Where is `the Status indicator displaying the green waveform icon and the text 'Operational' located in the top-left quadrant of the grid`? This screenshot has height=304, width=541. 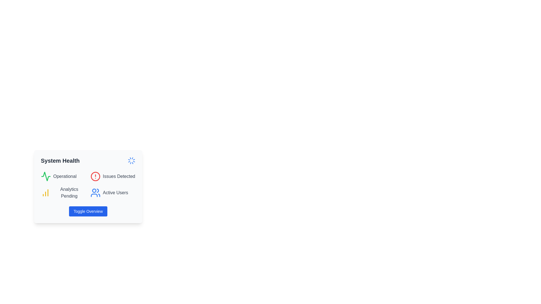
the Status indicator displaying the green waveform icon and the text 'Operational' located in the top-left quadrant of the grid is located at coordinates (63, 176).